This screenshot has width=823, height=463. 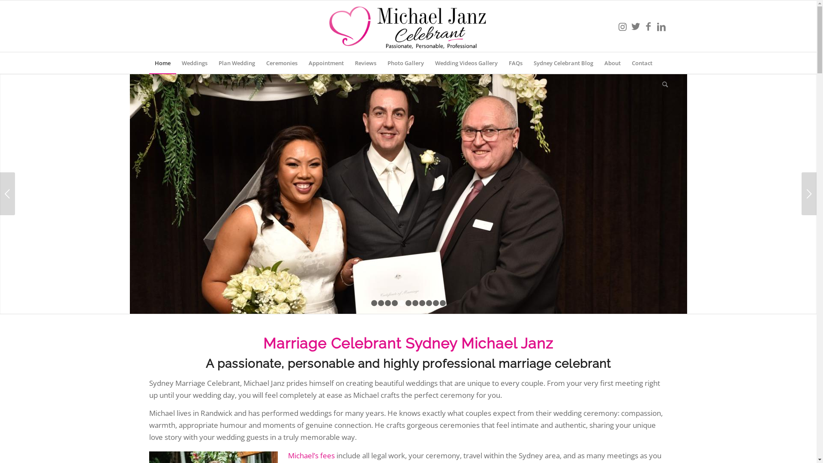 I want to click on 'Weddings', so click(x=193, y=62).